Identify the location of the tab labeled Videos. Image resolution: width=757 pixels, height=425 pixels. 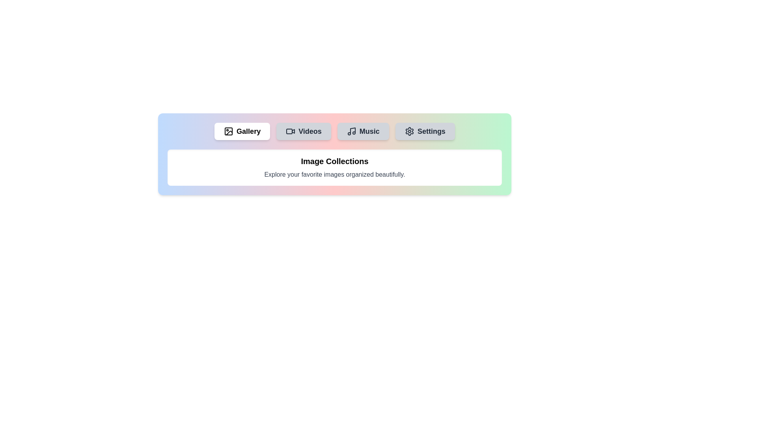
(303, 131).